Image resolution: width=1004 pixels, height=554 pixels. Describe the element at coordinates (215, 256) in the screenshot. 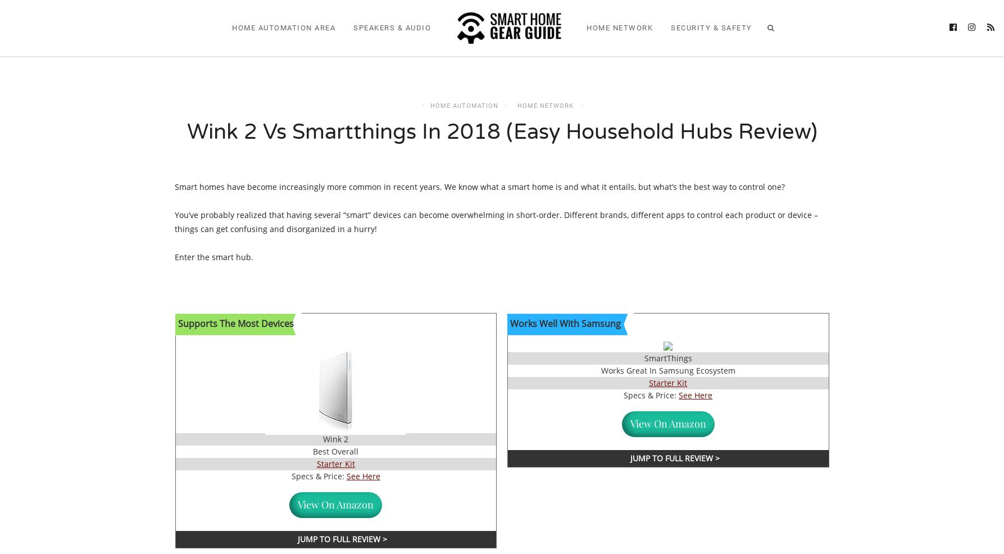

I see `'Enter the smart hub.'` at that location.